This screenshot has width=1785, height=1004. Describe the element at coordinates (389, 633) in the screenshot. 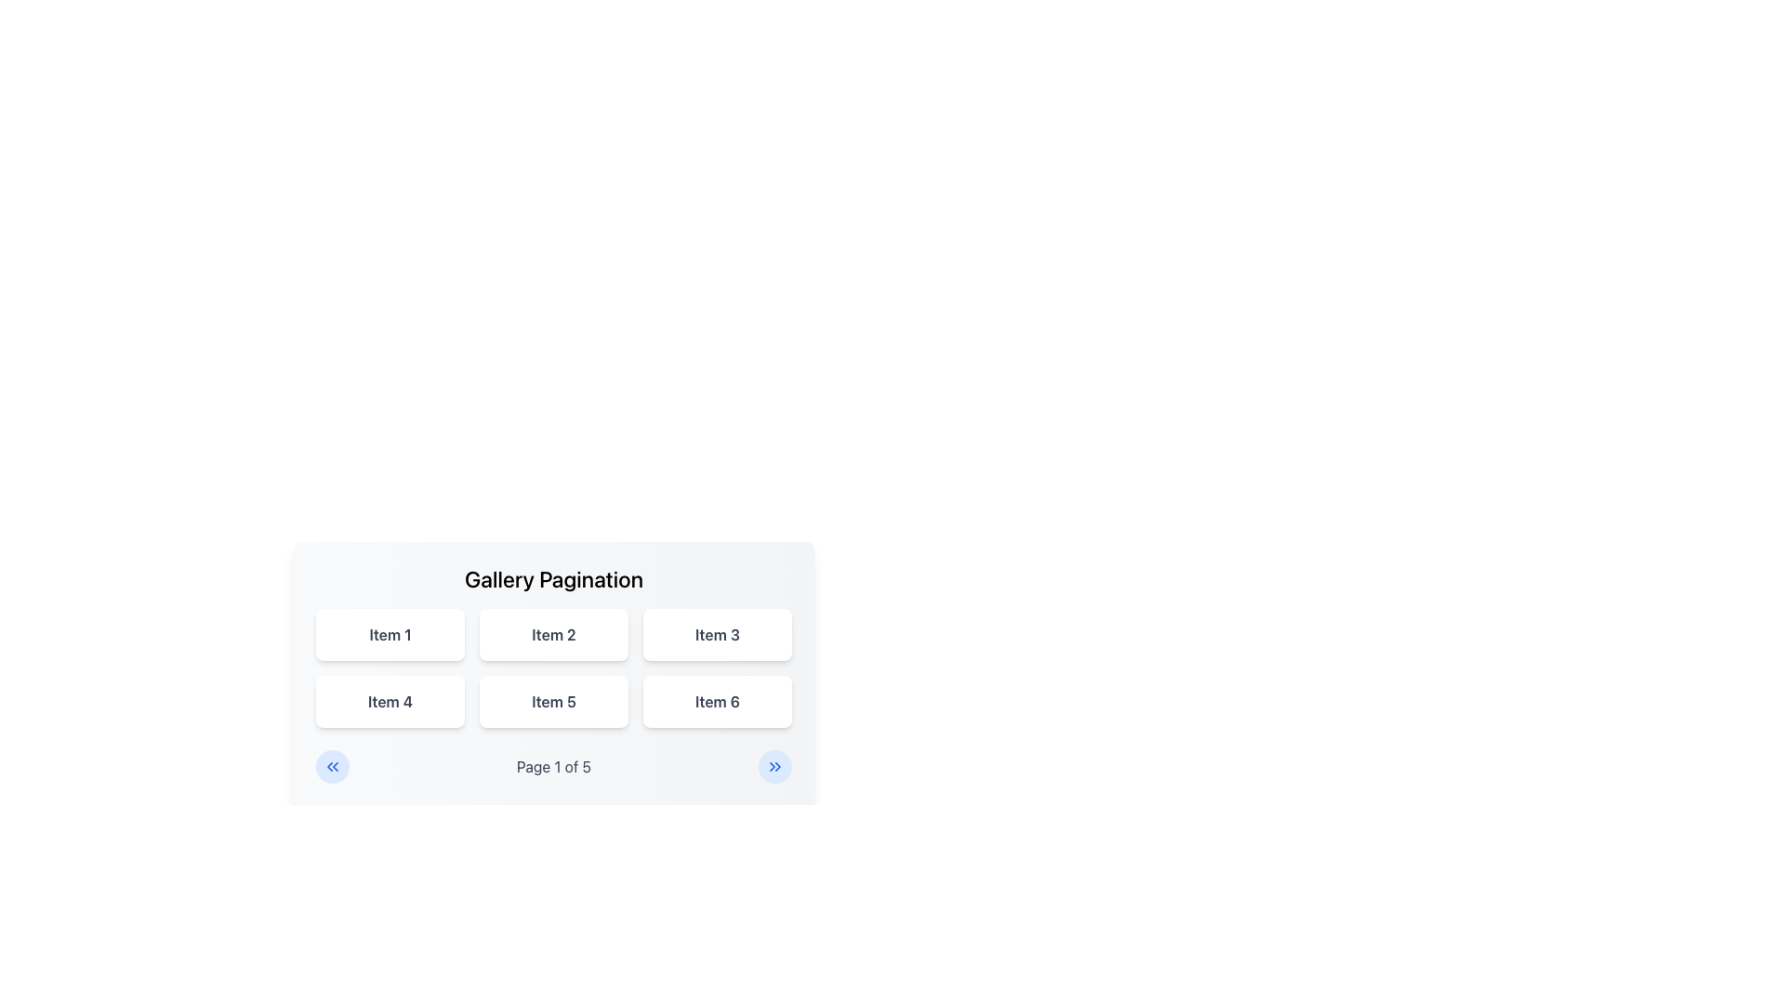

I see `the Text Label located in the top-left corner of the 2x3 grid layout, which provides textual information under the heading 'Gallery Pagination'` at that location.